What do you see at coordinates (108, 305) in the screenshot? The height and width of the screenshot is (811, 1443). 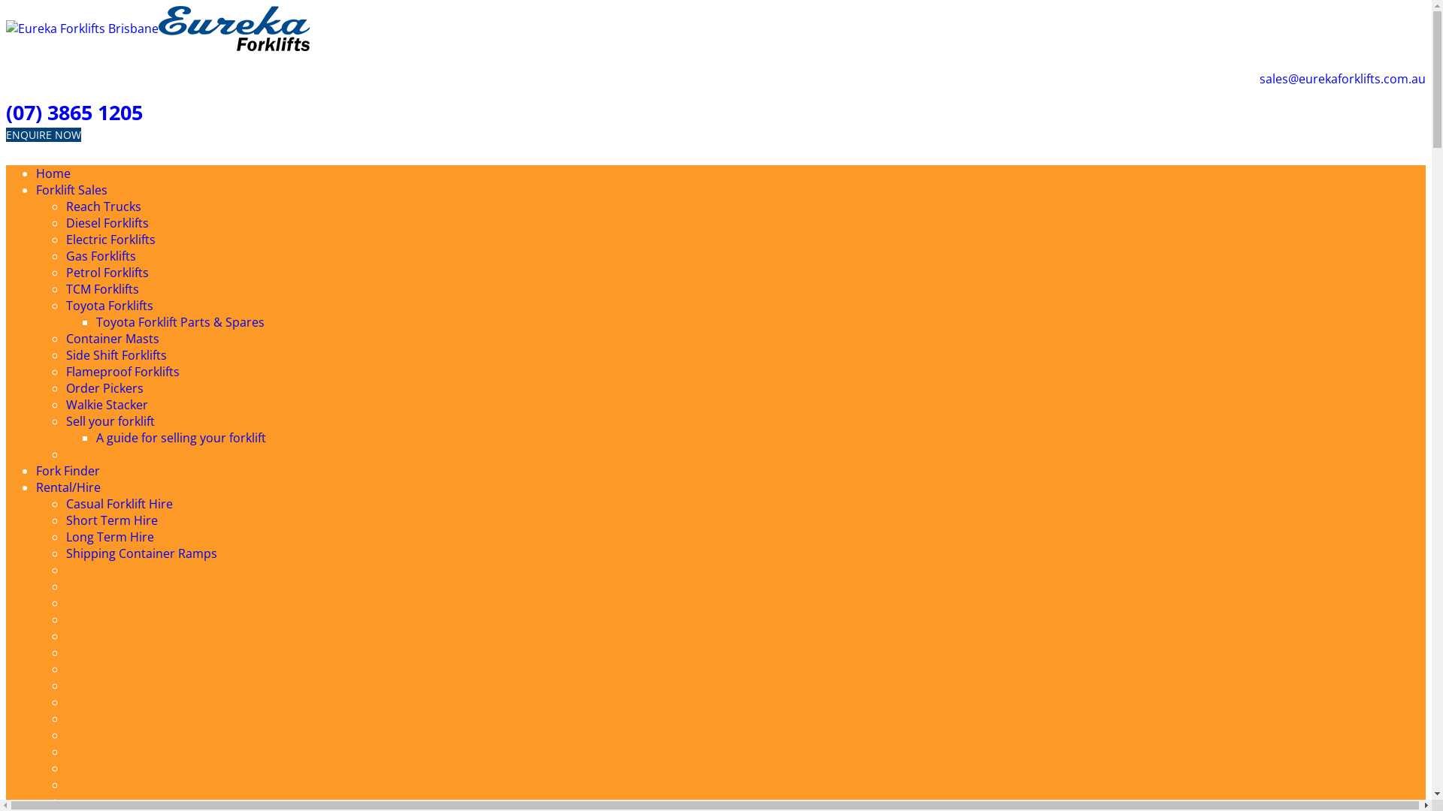 I see `'Toyota Forklifts'` at bounding box center [108, 305].